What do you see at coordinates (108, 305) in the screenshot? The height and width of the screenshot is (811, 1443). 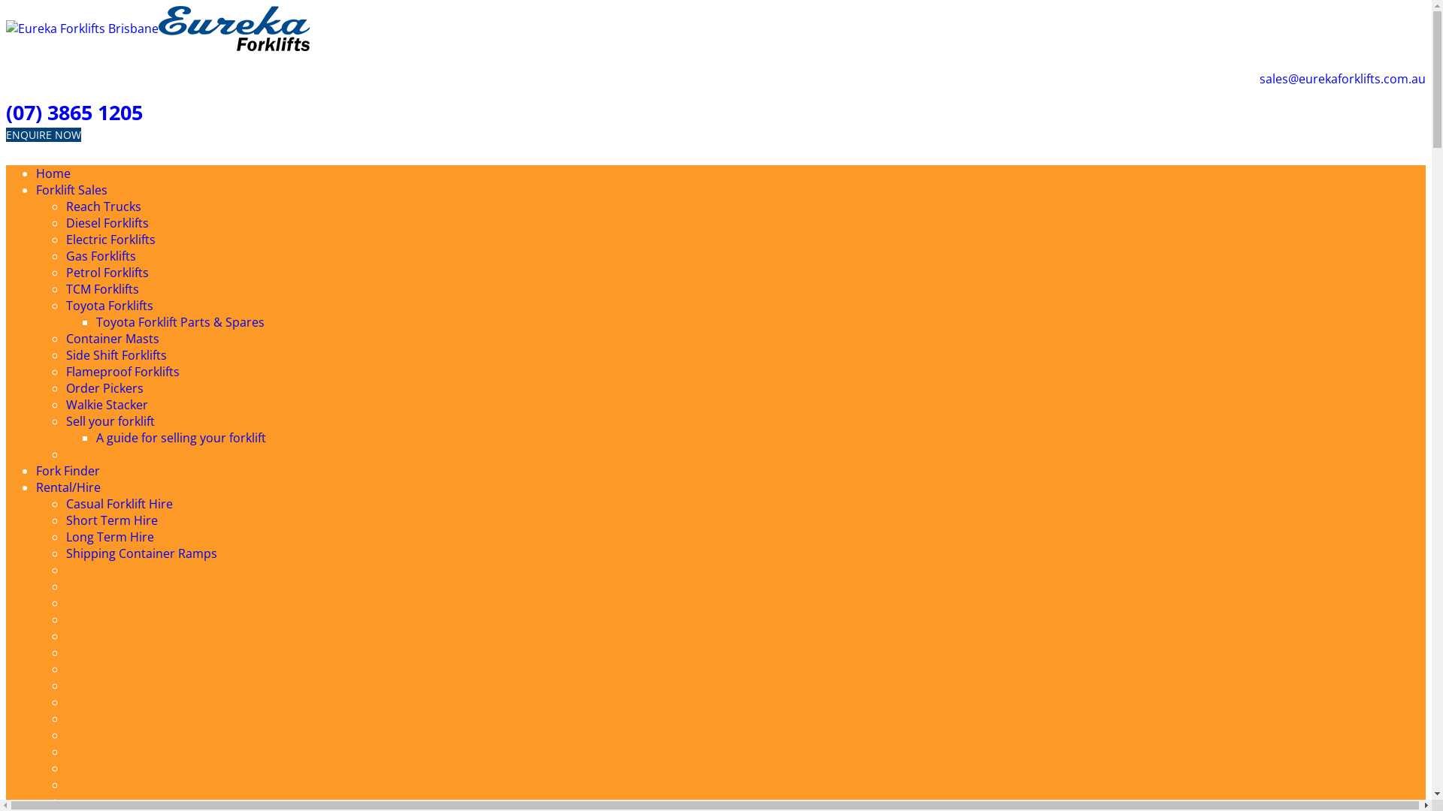 I see `'Toyota Forklifts'` at bounding box center [108, 305].